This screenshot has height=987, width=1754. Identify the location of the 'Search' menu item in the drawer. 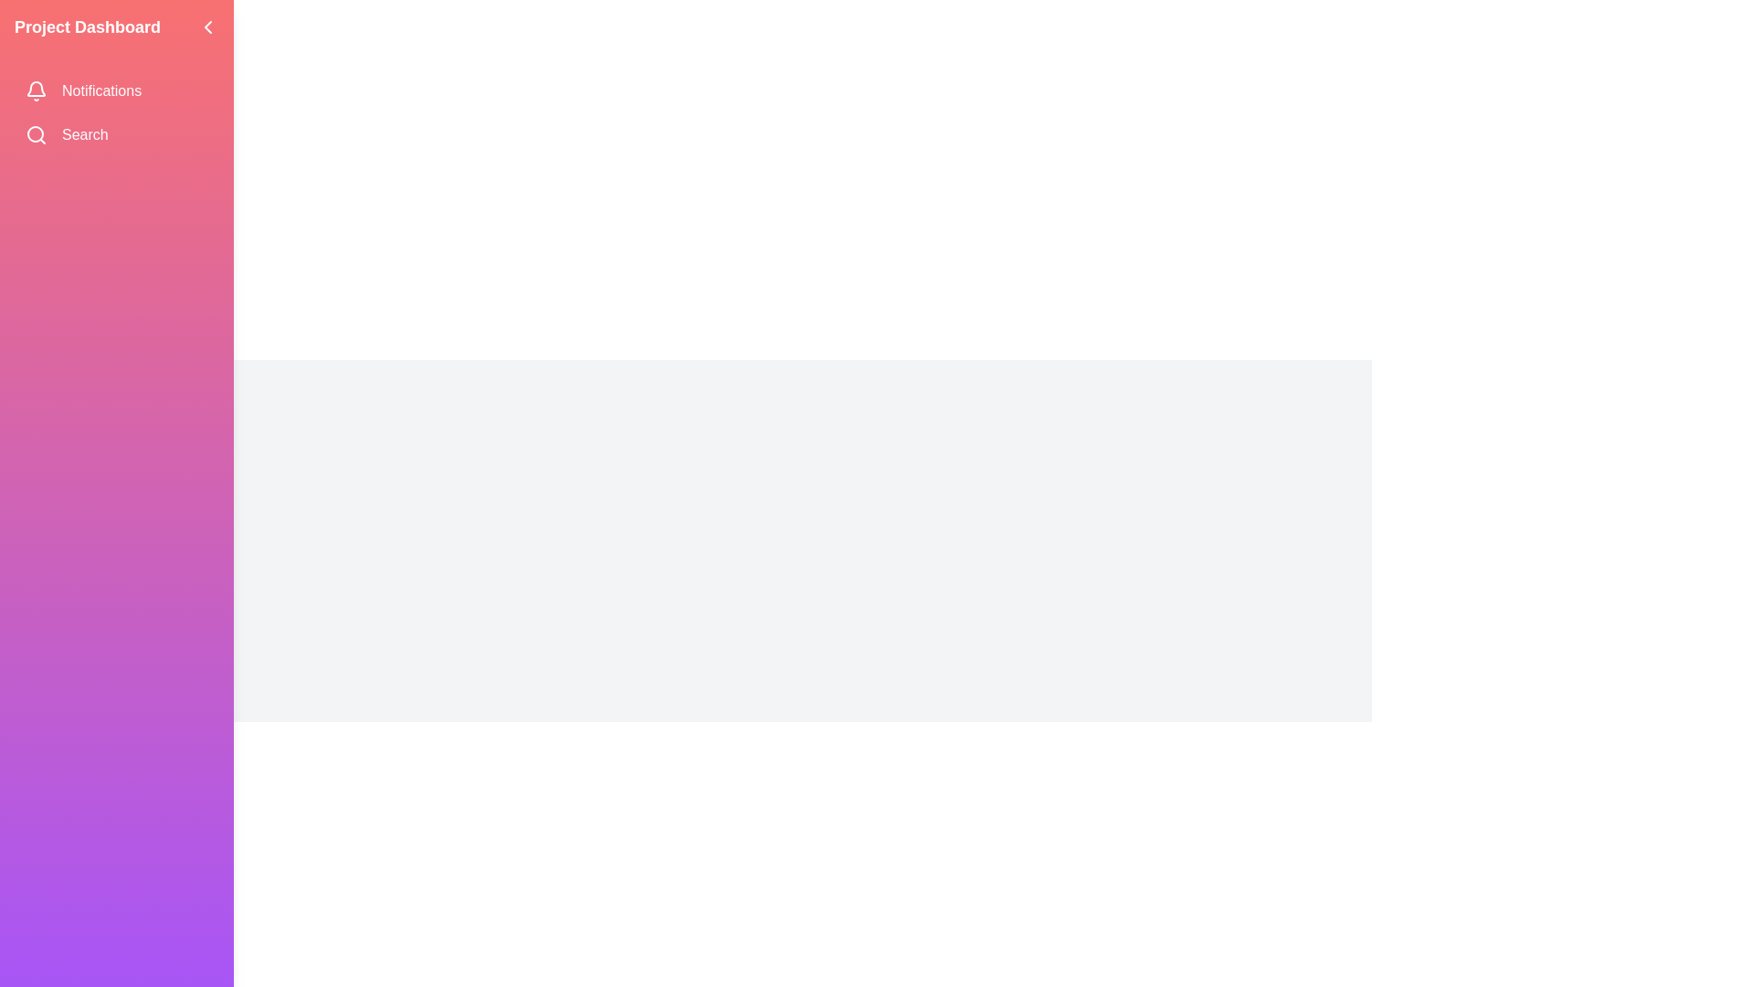
(116, 133).